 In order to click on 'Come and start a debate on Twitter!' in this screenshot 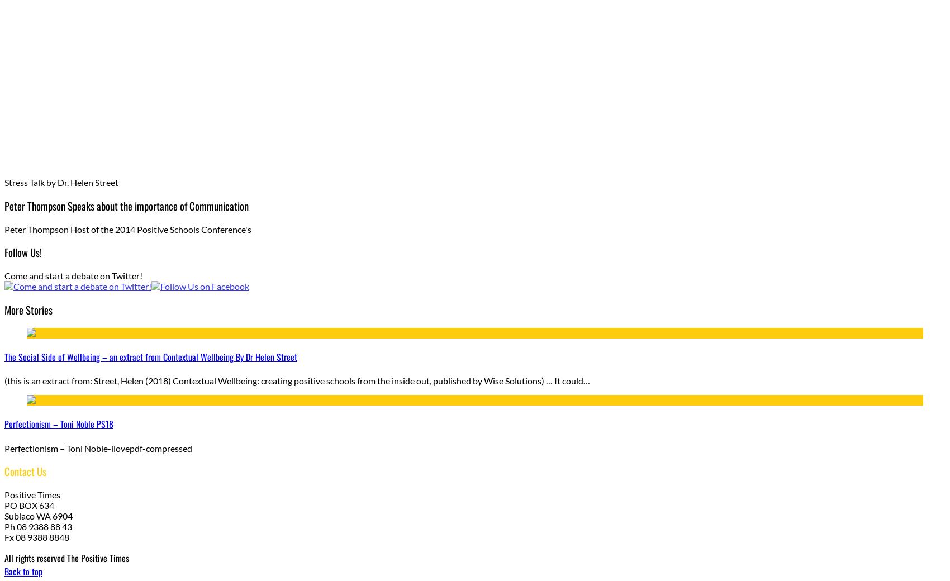, I will do `click(73, 275)`.